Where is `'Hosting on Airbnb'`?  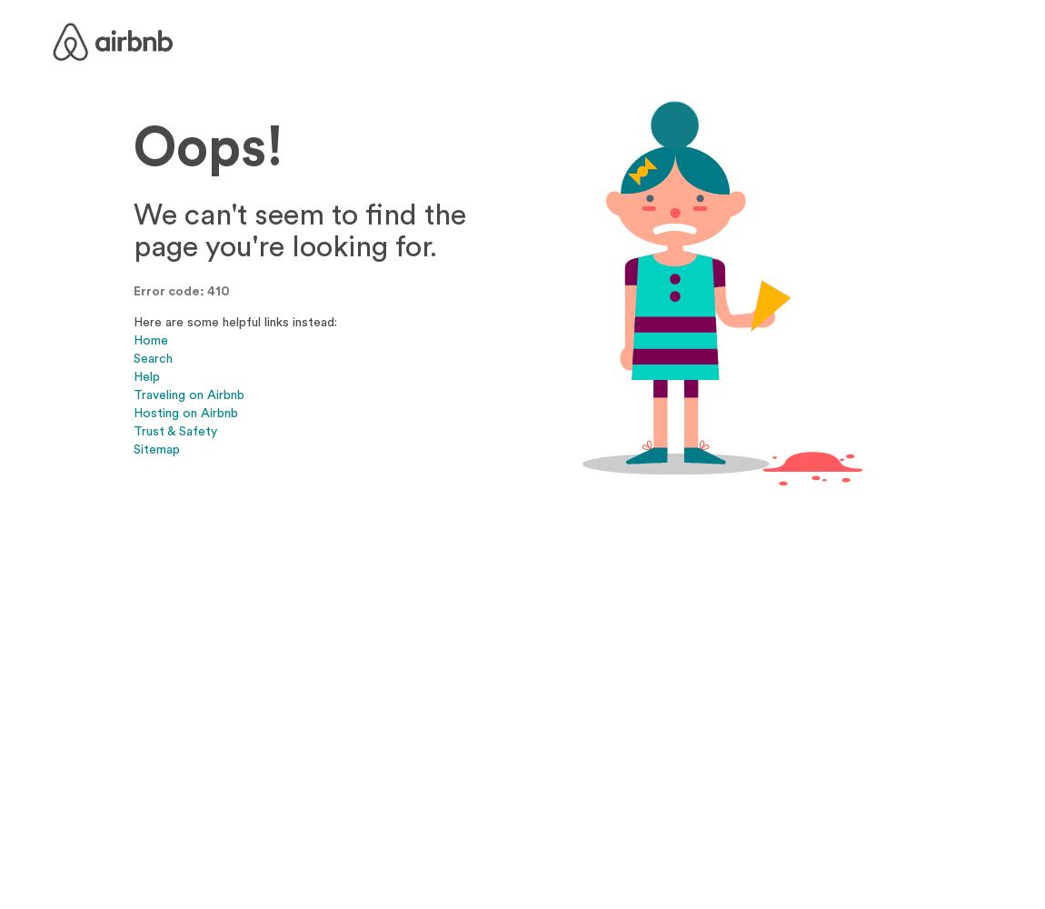 'Hosting on Airbnb' is located at coordinates (184, 411).